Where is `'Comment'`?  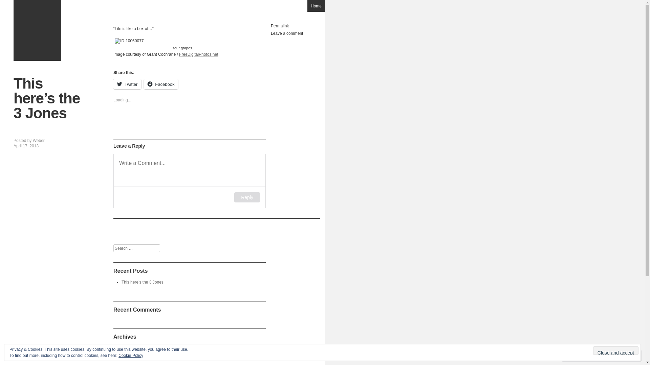 'Comment' is located at coordinates (580, 355).